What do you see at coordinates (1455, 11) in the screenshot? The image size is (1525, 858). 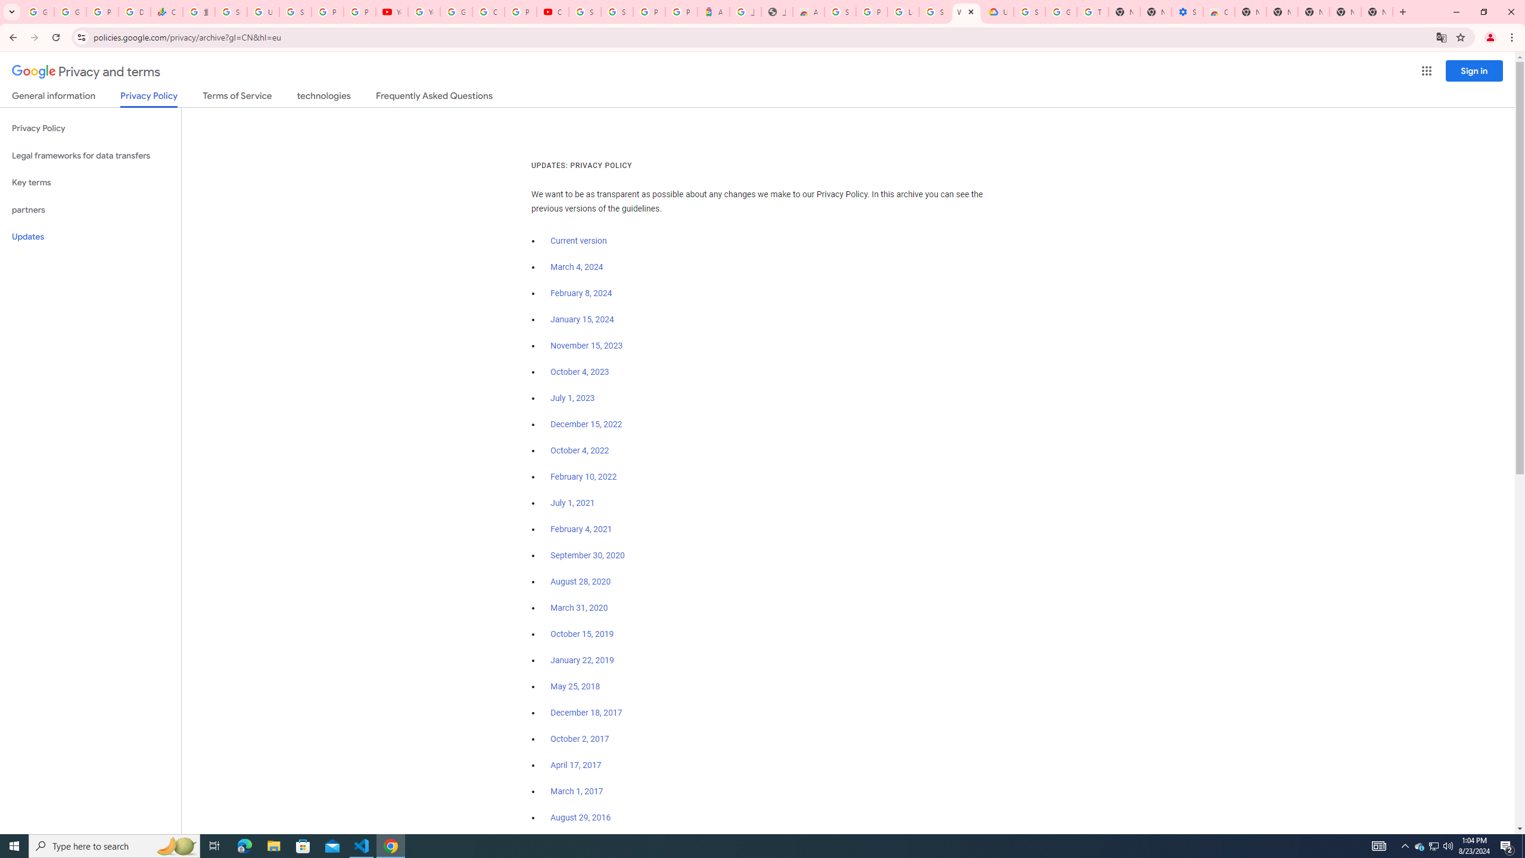 I see `'Minimize'` at bounding box center [1455, 11].